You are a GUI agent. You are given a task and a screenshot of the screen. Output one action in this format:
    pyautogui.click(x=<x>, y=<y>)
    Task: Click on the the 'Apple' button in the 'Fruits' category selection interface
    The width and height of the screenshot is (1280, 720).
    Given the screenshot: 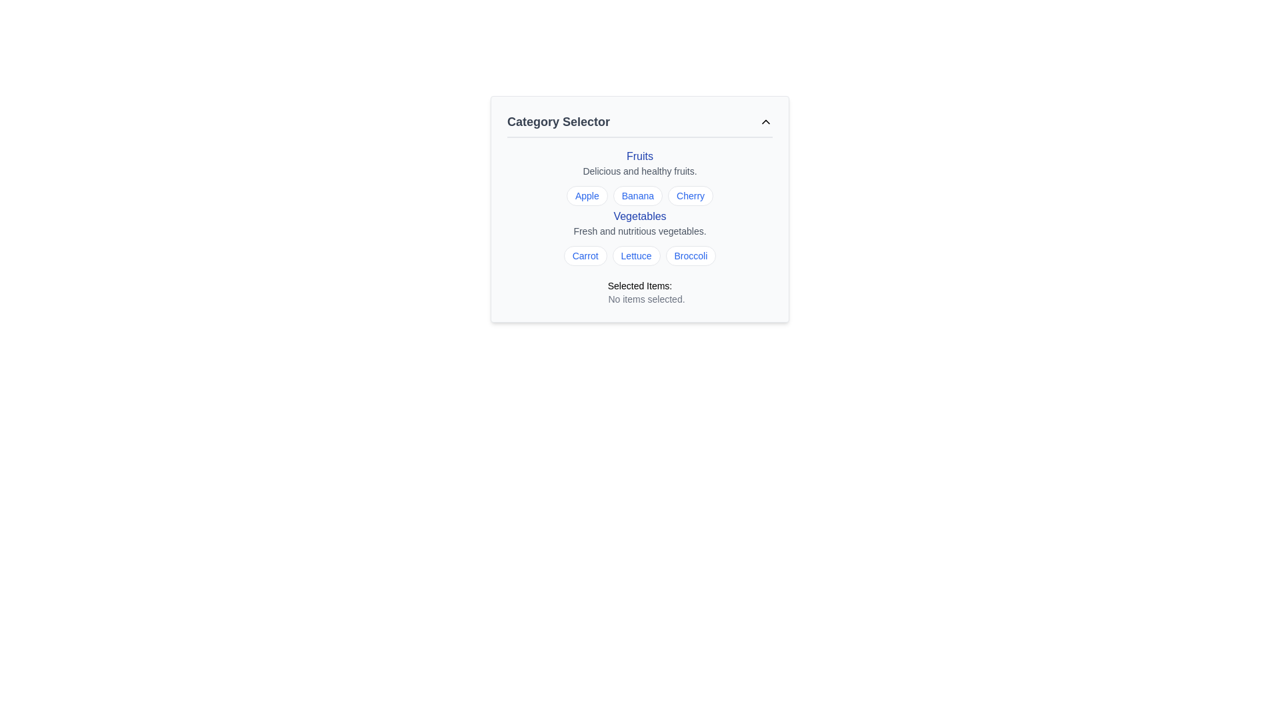 What is the action you would take?
    pyautogui.click(x=587, y=195)
    